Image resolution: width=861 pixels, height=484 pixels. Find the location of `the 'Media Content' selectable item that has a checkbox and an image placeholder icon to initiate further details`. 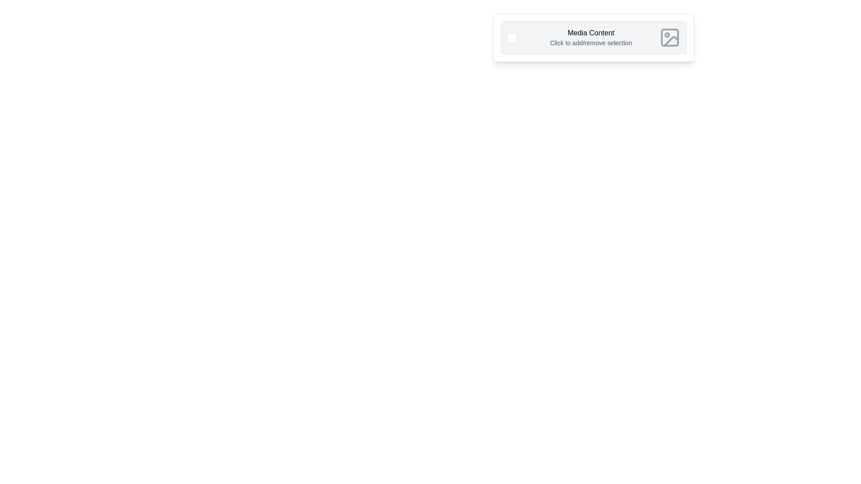

the 'Media Content' selectable item that has a checkbox and an image placeholder icon to initiate further details is located at coordinates (594, 37).